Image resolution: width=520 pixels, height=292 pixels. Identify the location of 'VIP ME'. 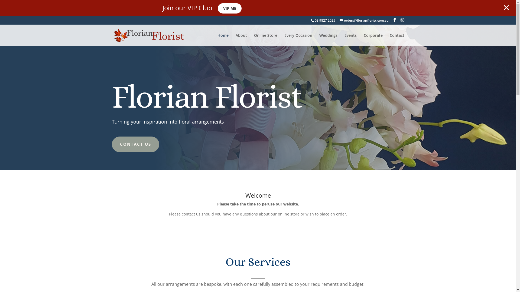
(230, 8).